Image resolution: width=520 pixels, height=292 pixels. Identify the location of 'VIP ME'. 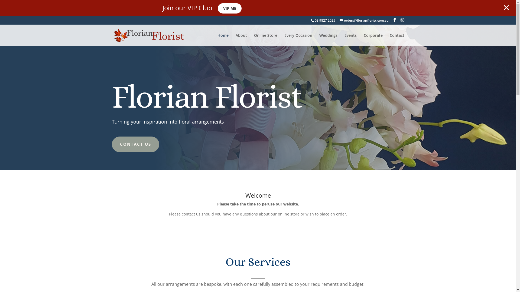
(230, 8).